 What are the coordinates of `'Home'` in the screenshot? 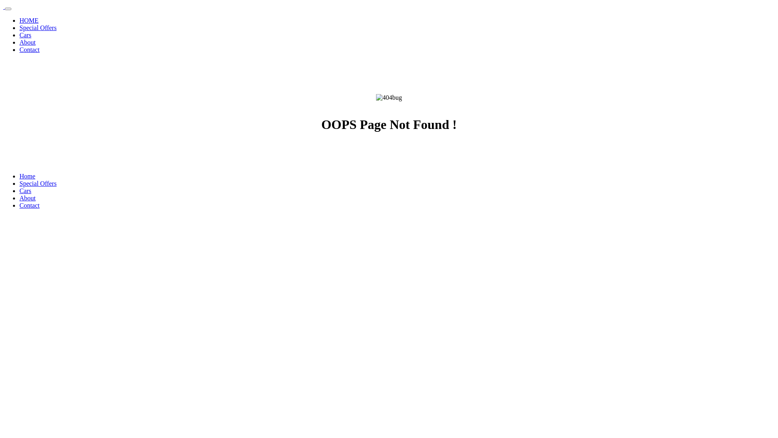 It's located at (27, 176).